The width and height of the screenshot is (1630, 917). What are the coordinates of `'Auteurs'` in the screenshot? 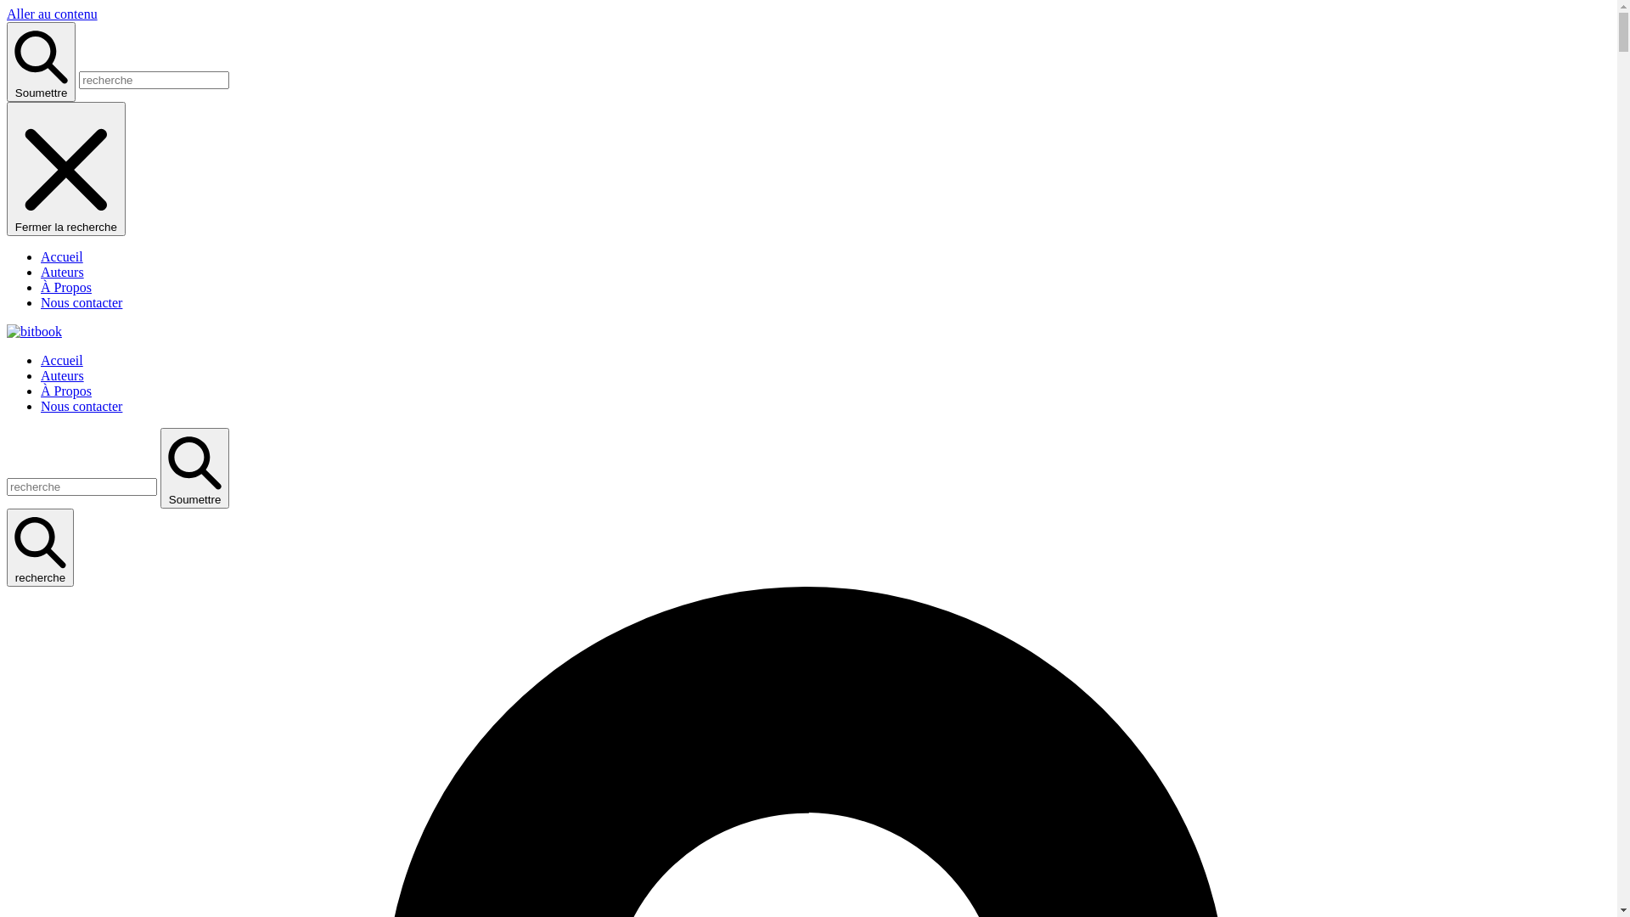 It's located at (62, 271).